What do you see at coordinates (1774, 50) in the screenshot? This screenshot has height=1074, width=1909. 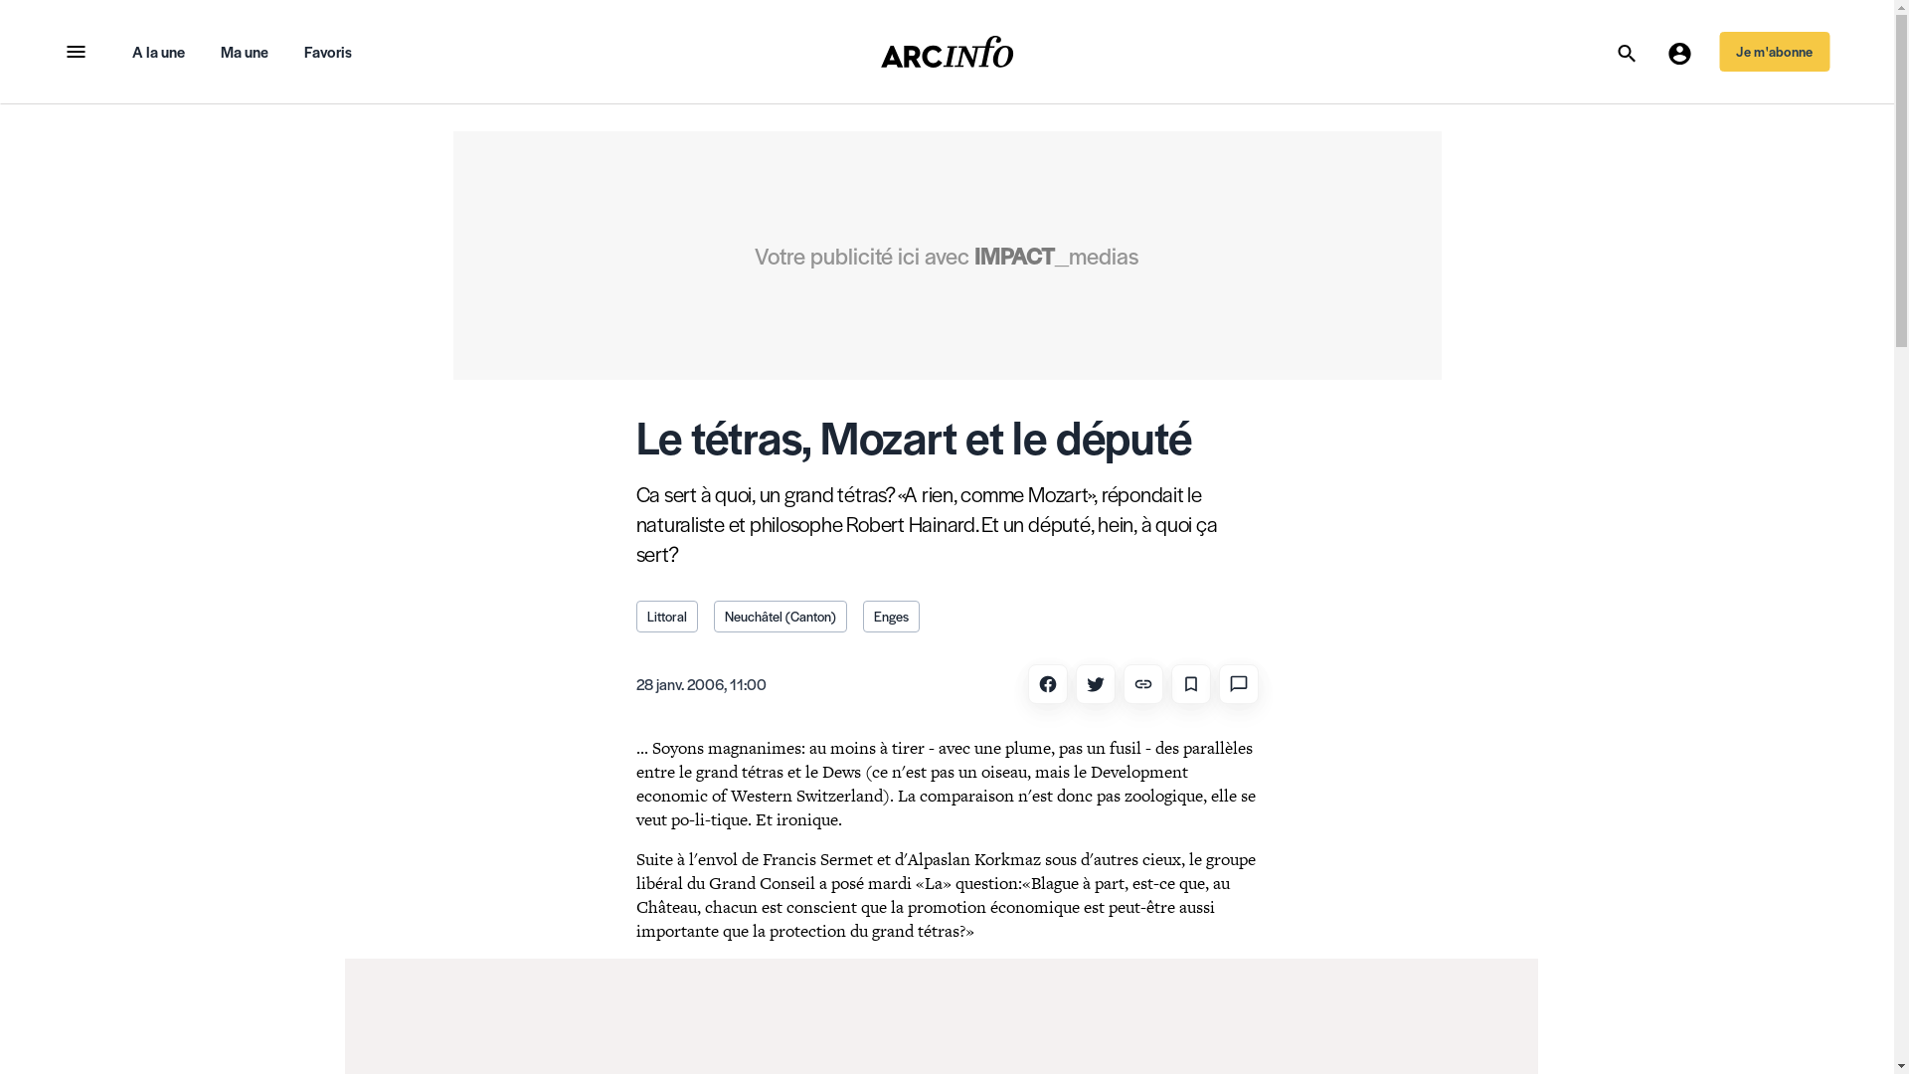 I see `'Je m'abonne'` at bounding box center [1774, 50].